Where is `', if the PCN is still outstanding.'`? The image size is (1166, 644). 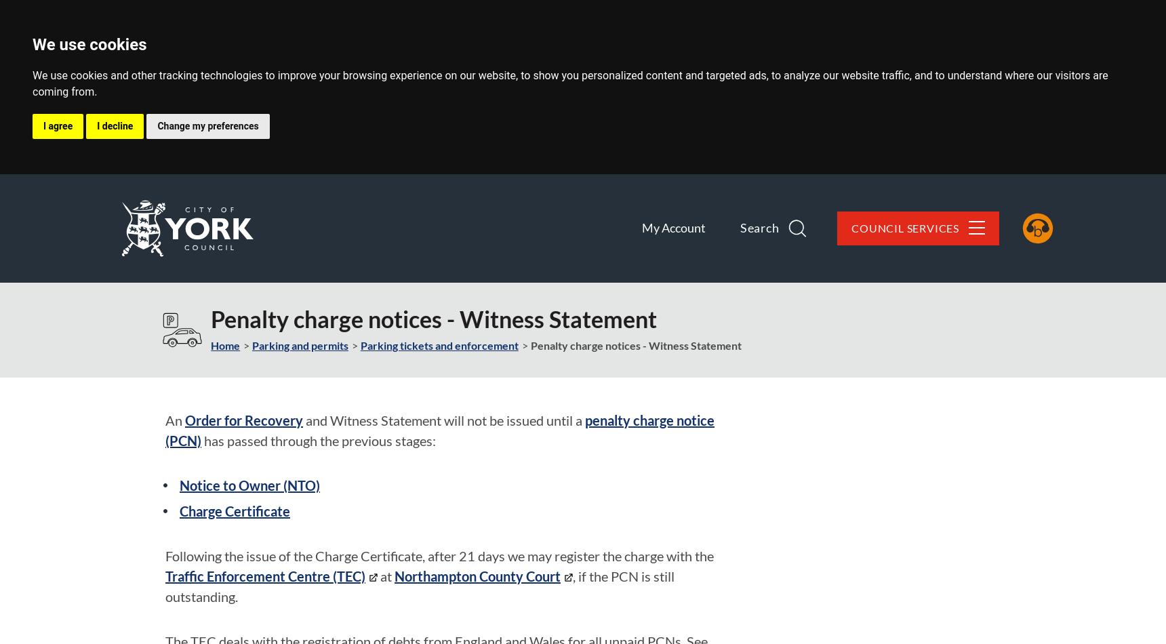
', if the PCN is still outstanding.' is located at coordinates (419, 585).